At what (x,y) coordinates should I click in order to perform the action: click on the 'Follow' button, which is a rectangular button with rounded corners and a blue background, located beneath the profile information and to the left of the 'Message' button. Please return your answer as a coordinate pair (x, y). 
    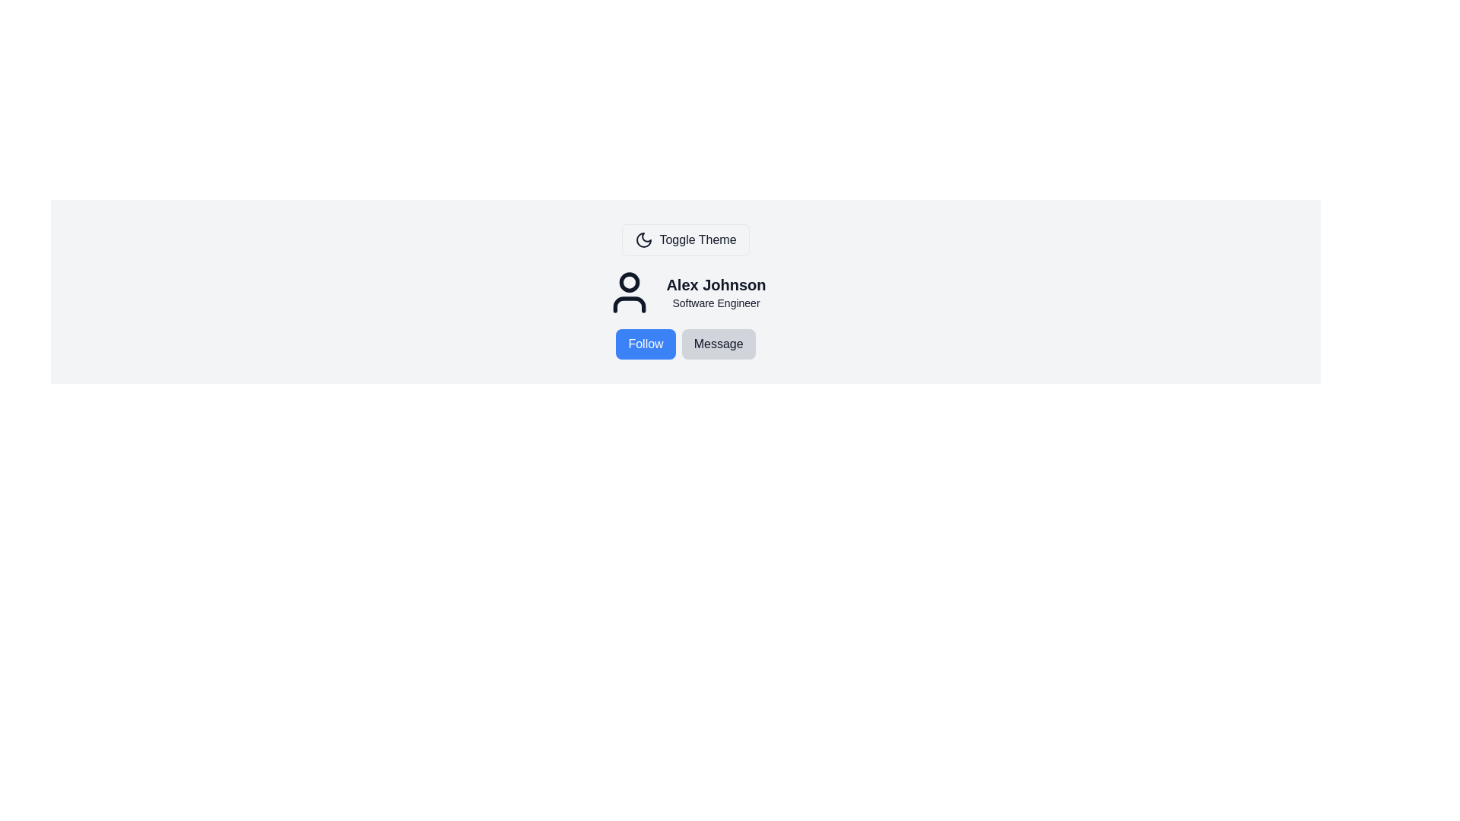
    Looking at the image, I should click on (646, 344).